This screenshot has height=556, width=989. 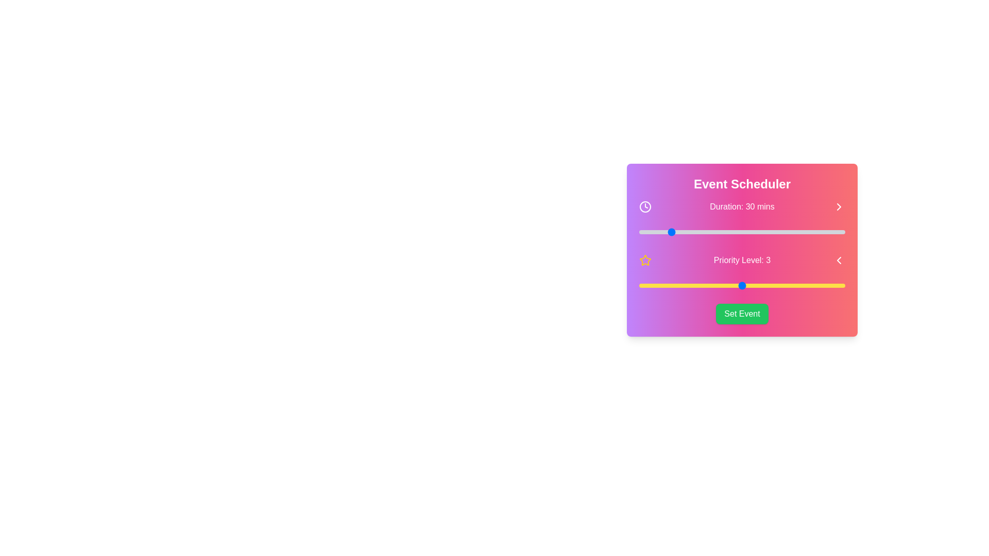 What do you see at coordinates (742, 232) in the screenshot?
I see `the slider track to set the duration value in the event scheduler, which is located below 'Duration: 30 mins' and above 'Priority Level: 3'` at bounding box center [742, 232].